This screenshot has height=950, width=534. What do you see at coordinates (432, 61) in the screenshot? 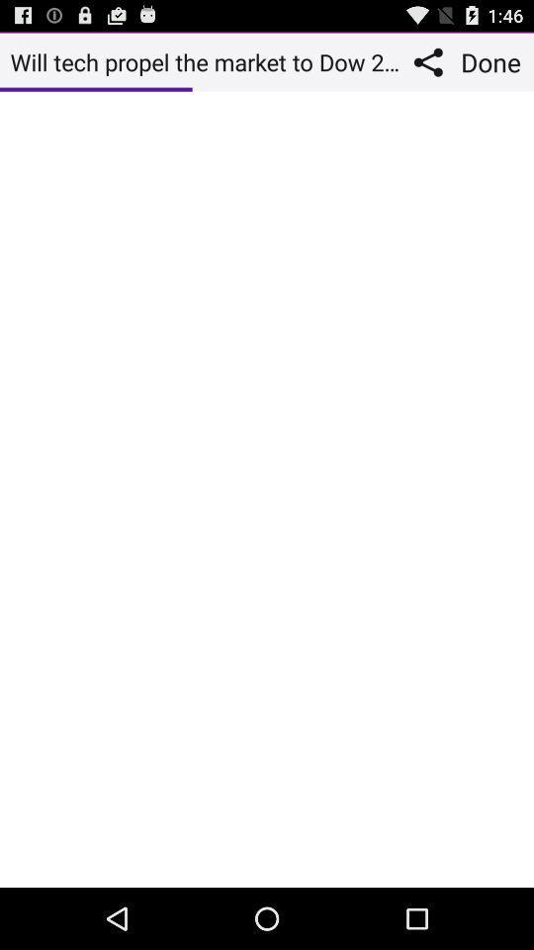
I see `the item next to will tech propel` at bounding box center [432, 61].